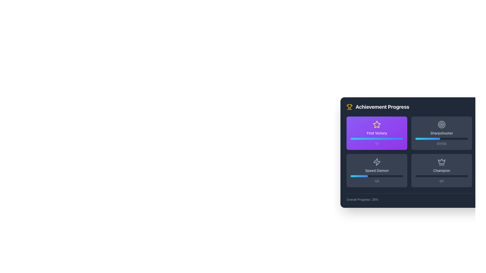 The height and width of the screenshot is (273, 486). Describe the element at coordinates (377, 125) in the screenshot. I see `the star-shaped icon representing the 'First Victory' achievement, located in the upper-left tile of the Achievement Progress grid` at that location.